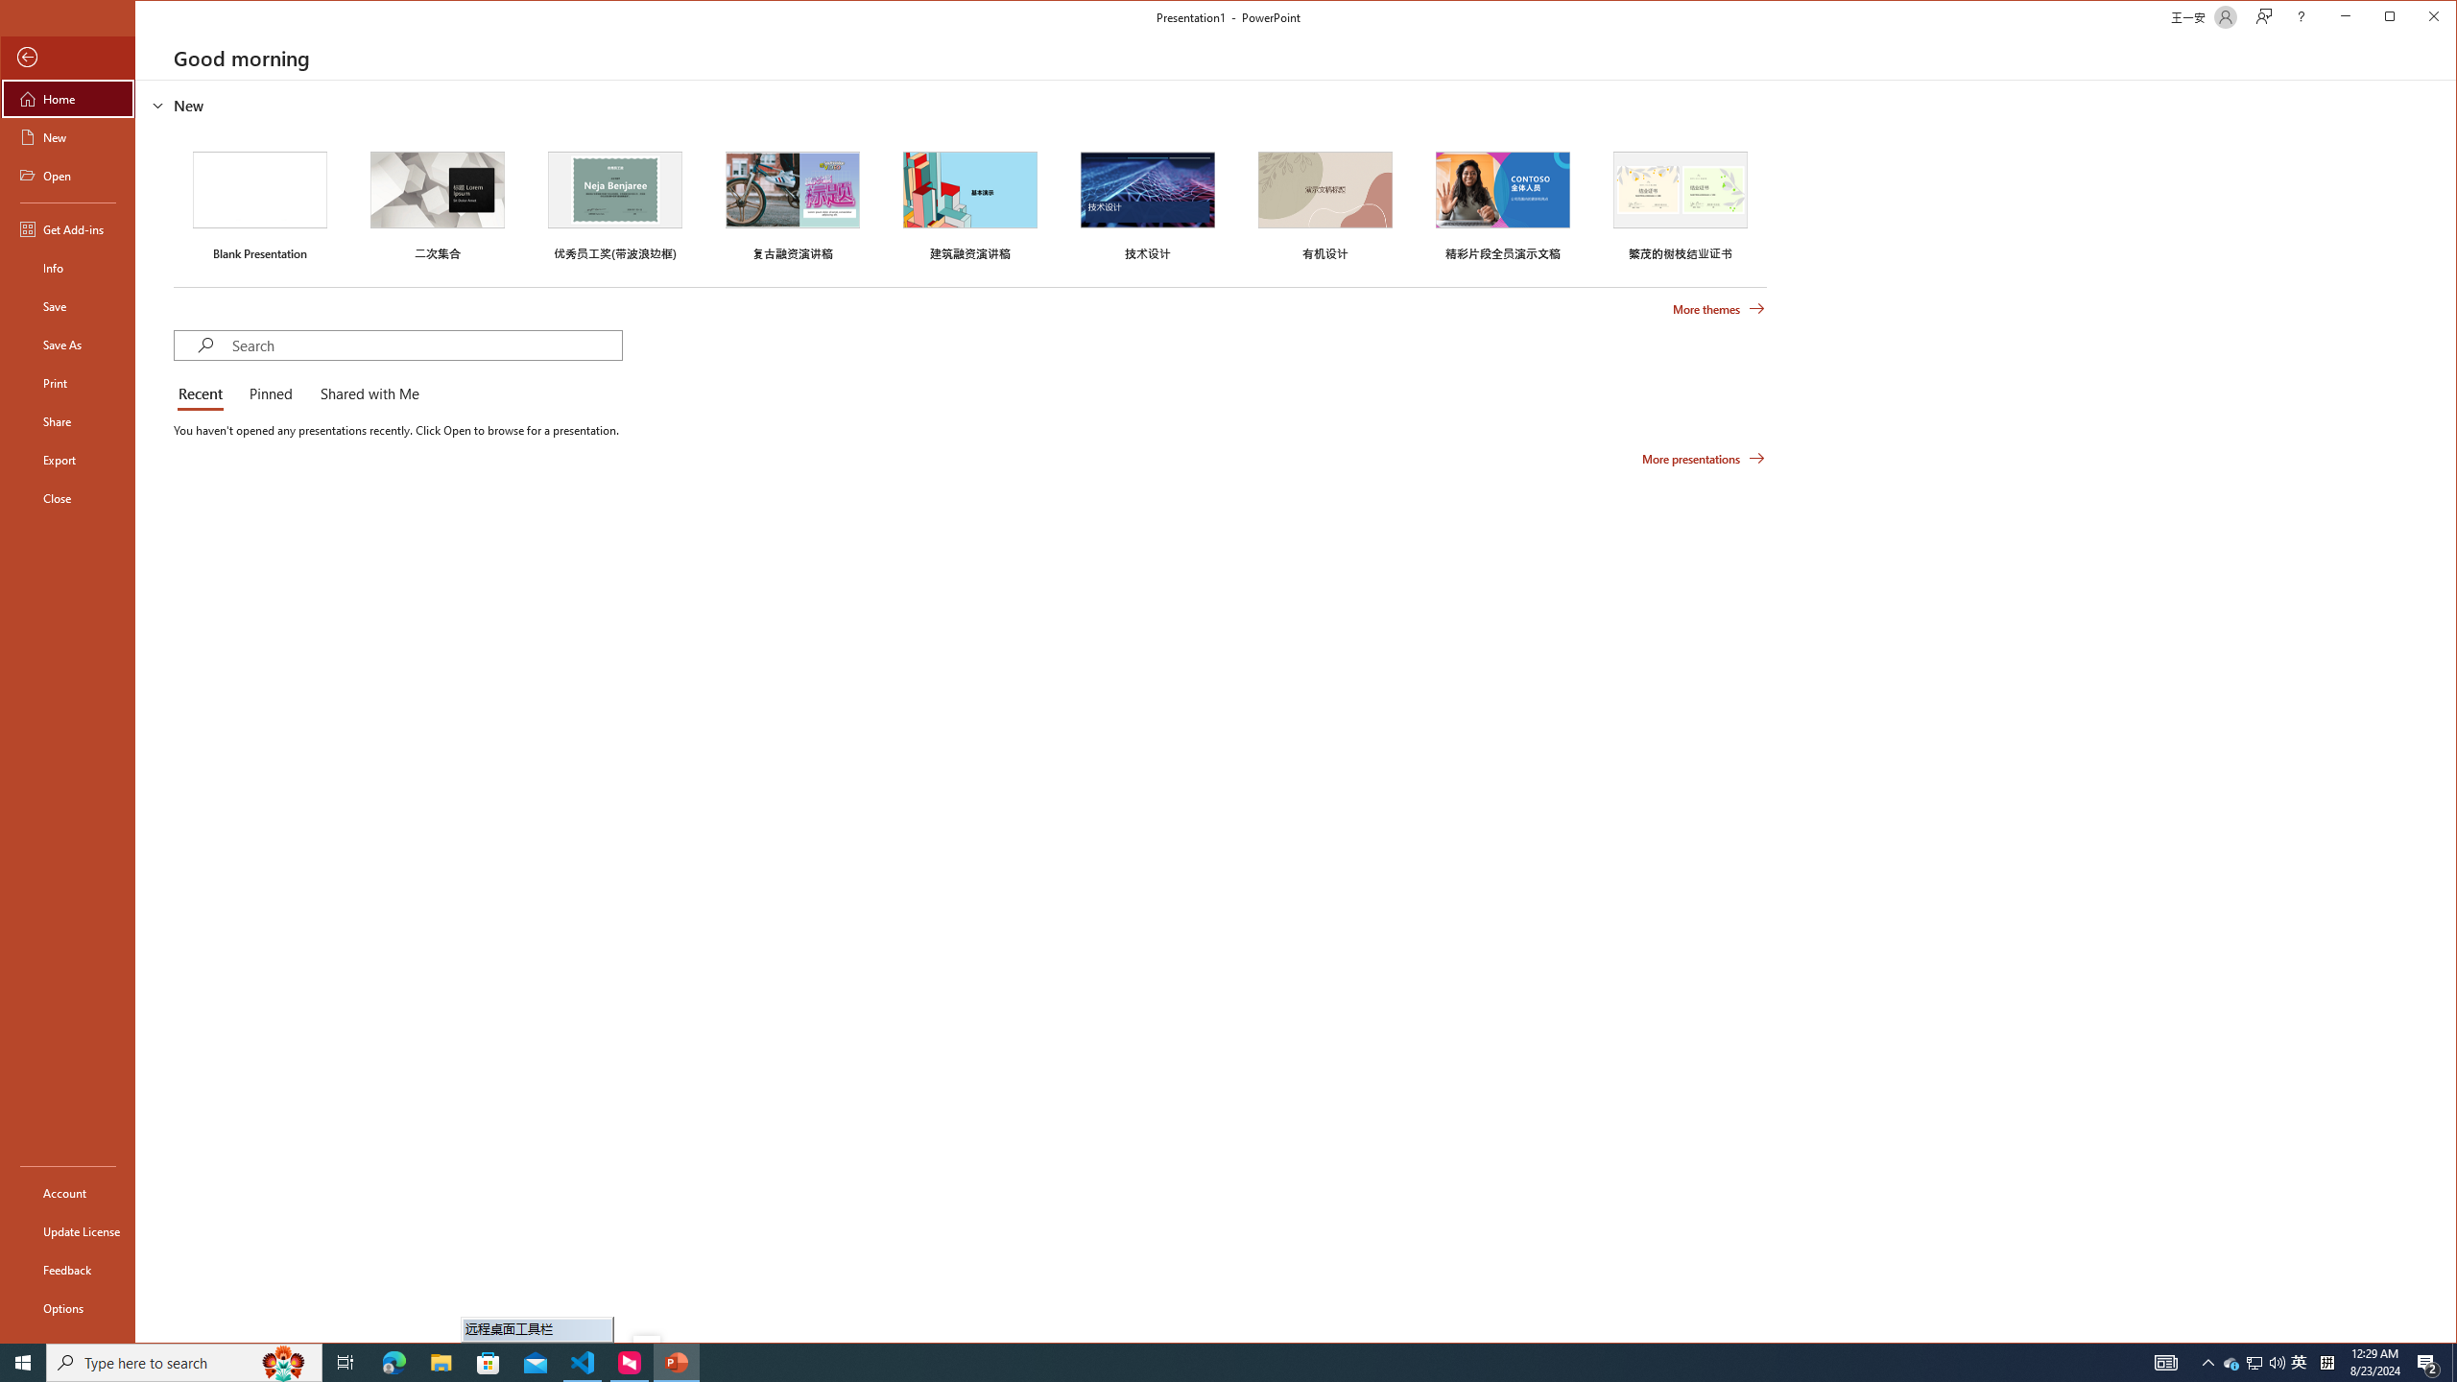 Image resolution: width=2457 pixels, height=1382 pixels. Describe the element at coordinates (66, 343) in the screenshot. I see `'Save As'` at that location.